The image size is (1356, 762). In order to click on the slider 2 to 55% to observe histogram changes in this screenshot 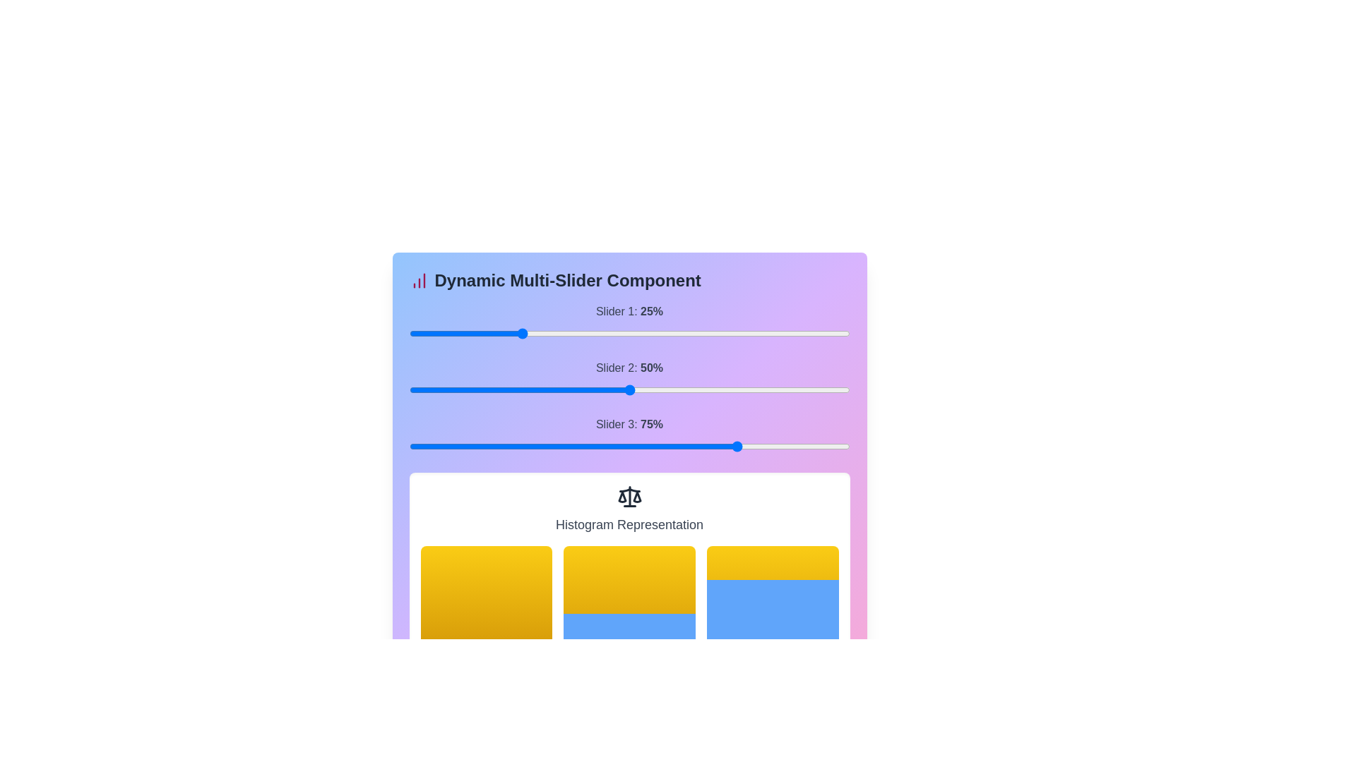, I will do `click(750, 389)`.